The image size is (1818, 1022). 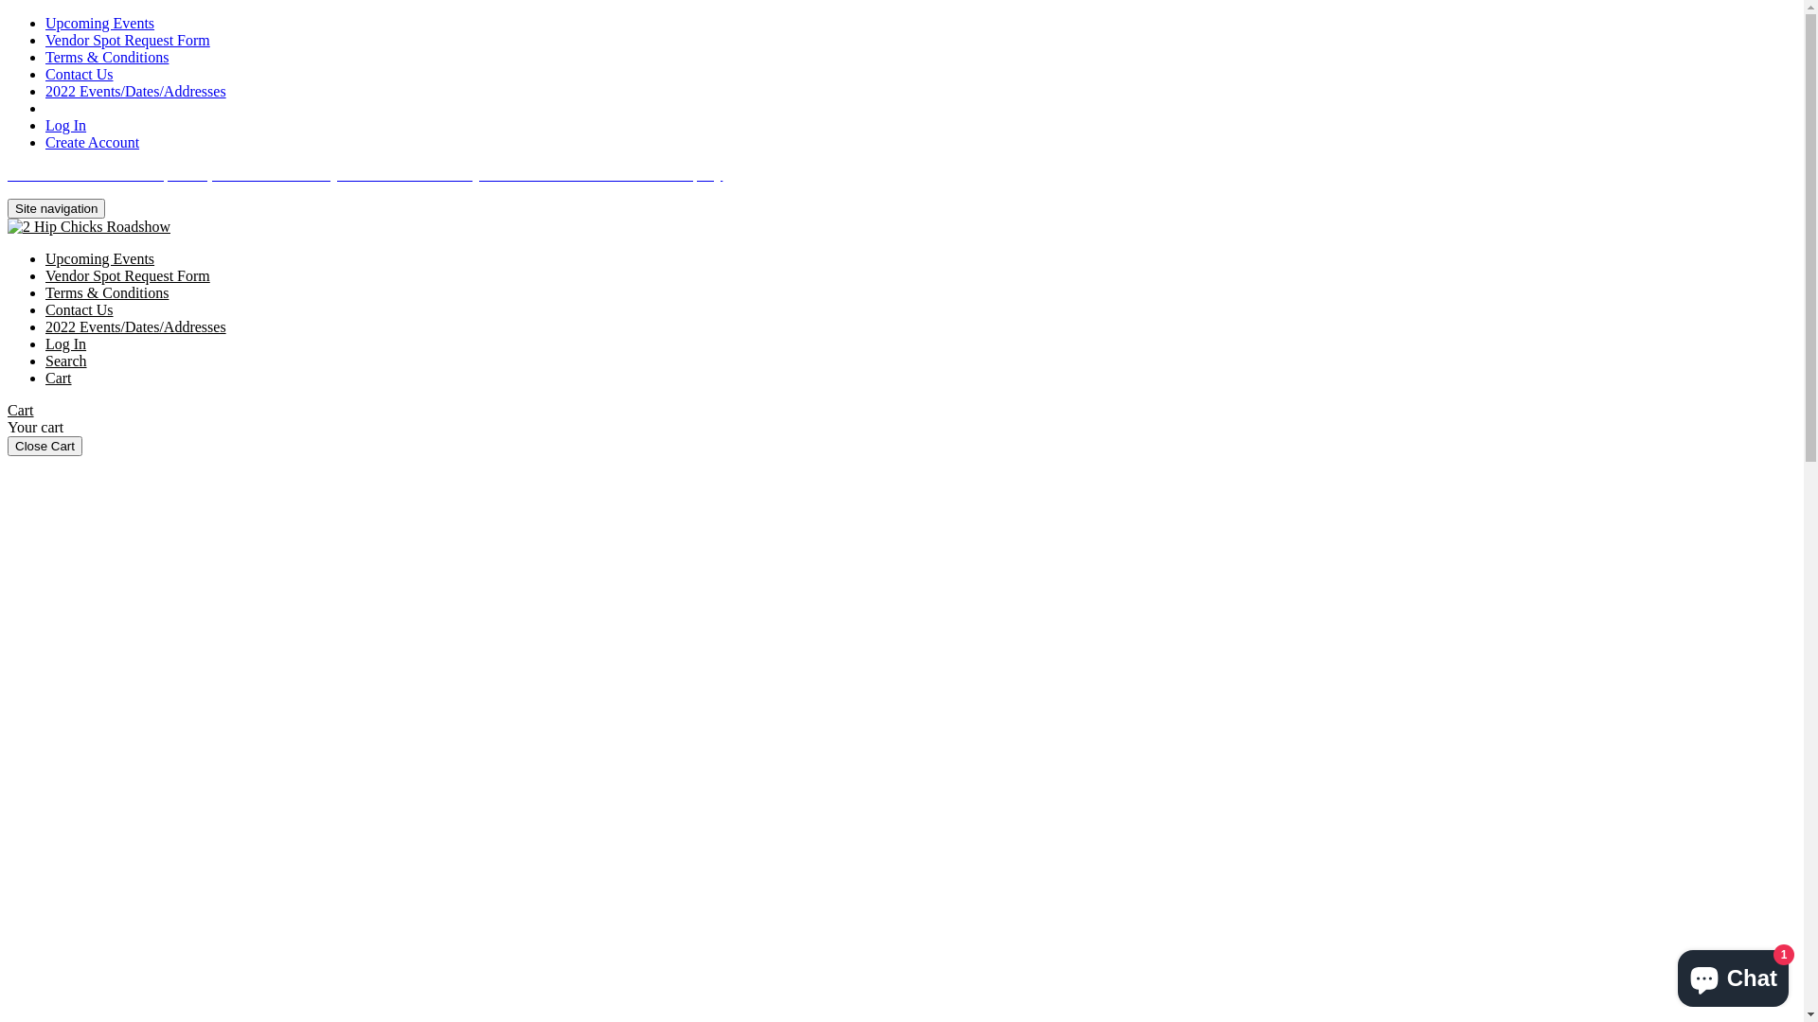 I want to click on 'Terms & Conditions', so click(x=45, y=292).